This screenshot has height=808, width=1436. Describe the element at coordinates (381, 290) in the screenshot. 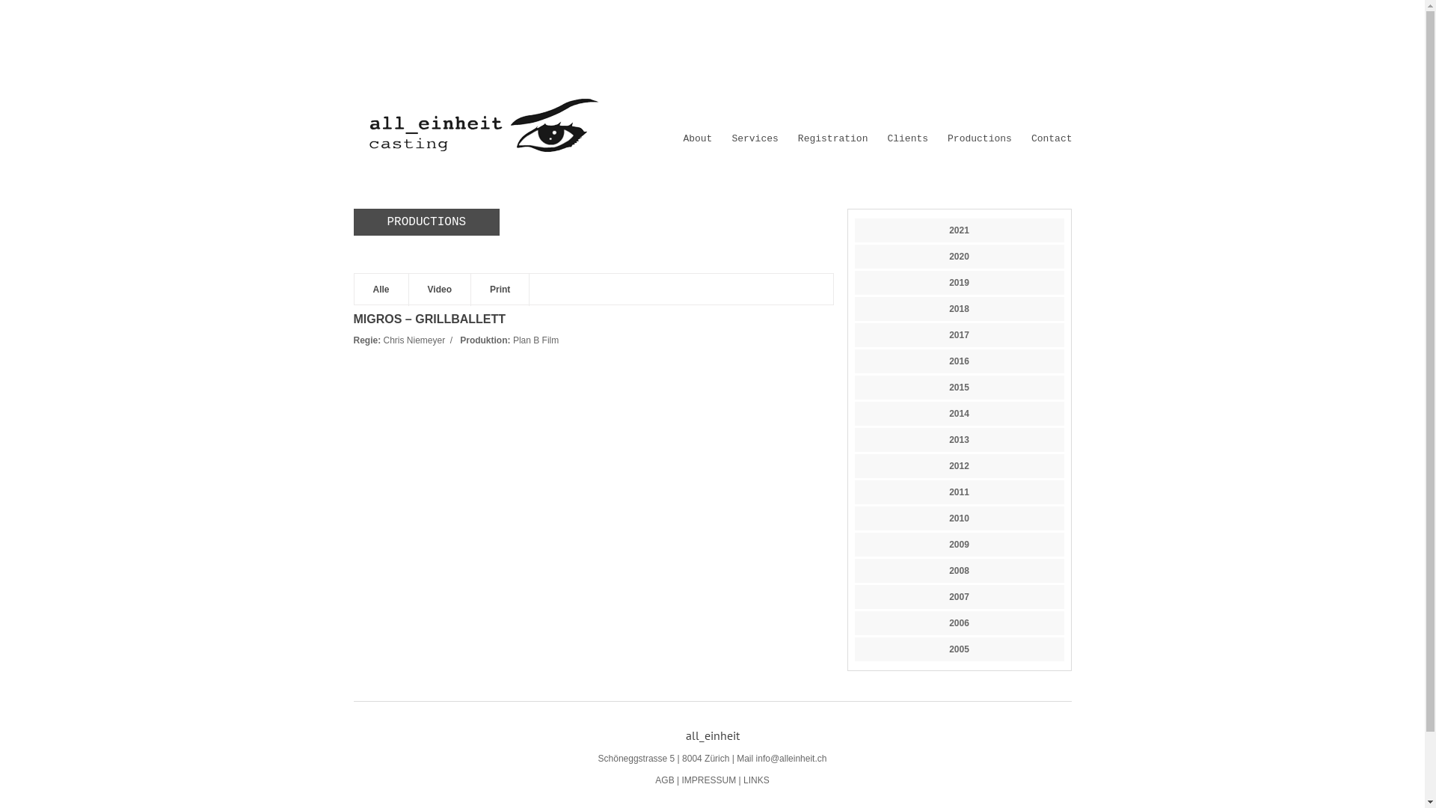

I see `'Alle'` at that location.